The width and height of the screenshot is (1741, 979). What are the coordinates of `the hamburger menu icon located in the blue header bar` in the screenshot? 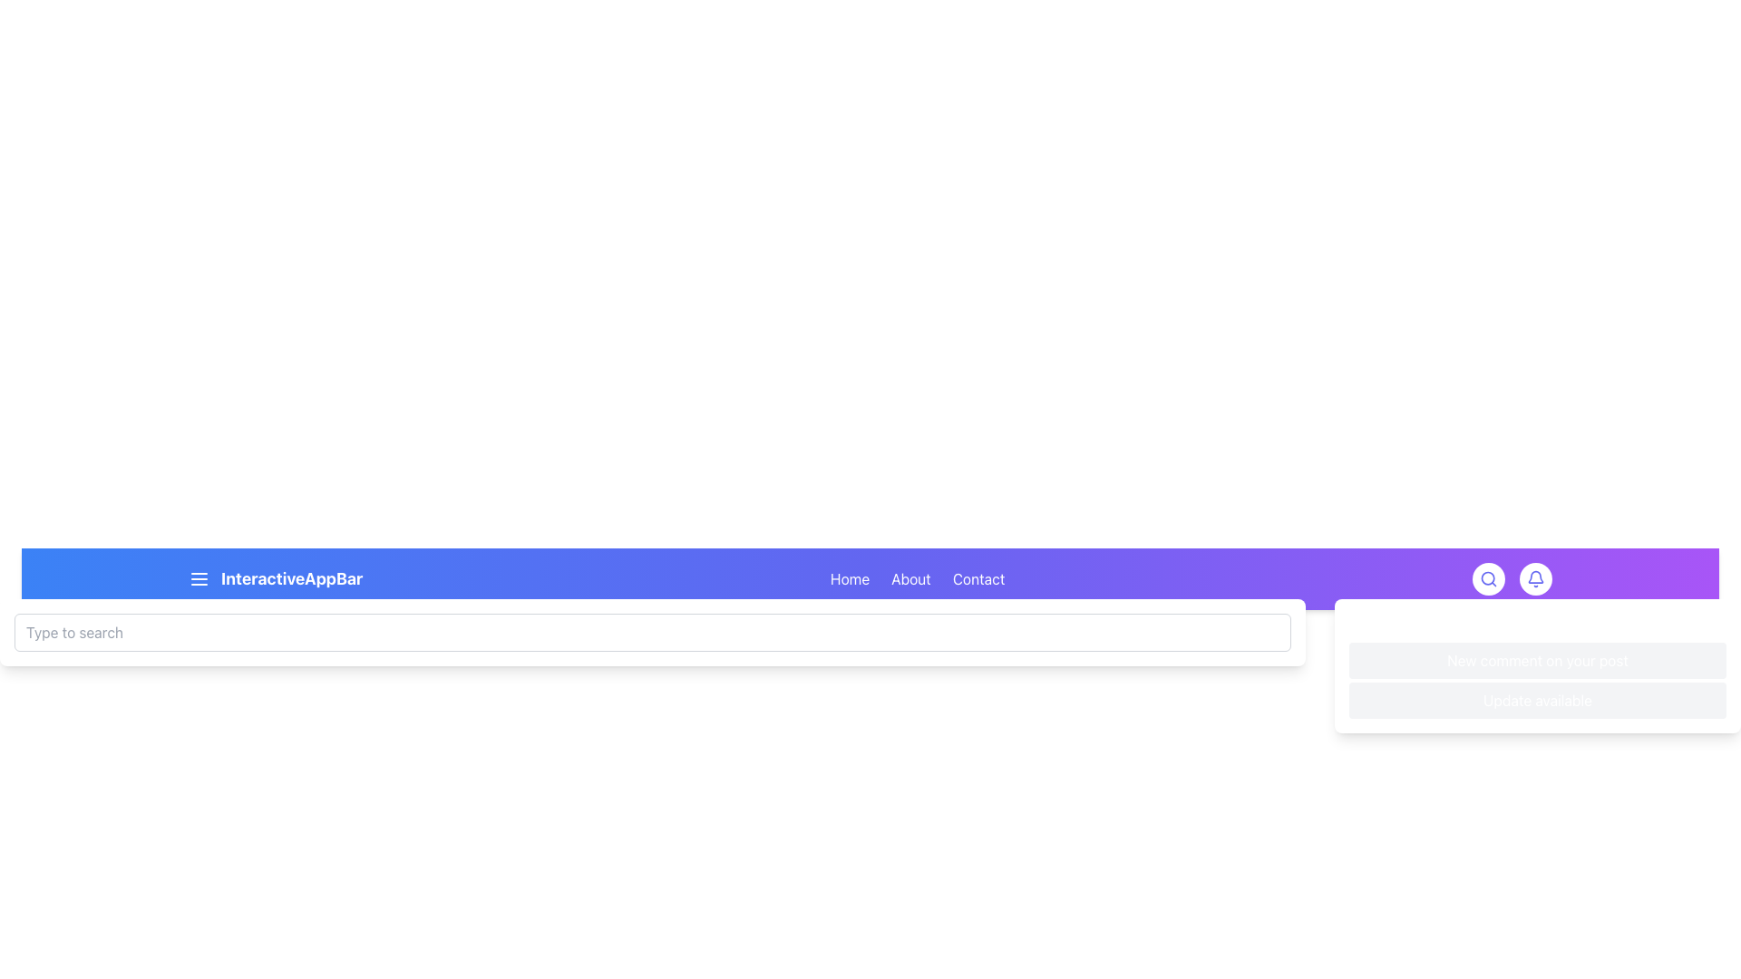 It's located at (199, 579).